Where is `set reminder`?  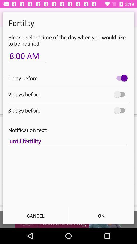 set reminder is located at coordinates (121, 94).